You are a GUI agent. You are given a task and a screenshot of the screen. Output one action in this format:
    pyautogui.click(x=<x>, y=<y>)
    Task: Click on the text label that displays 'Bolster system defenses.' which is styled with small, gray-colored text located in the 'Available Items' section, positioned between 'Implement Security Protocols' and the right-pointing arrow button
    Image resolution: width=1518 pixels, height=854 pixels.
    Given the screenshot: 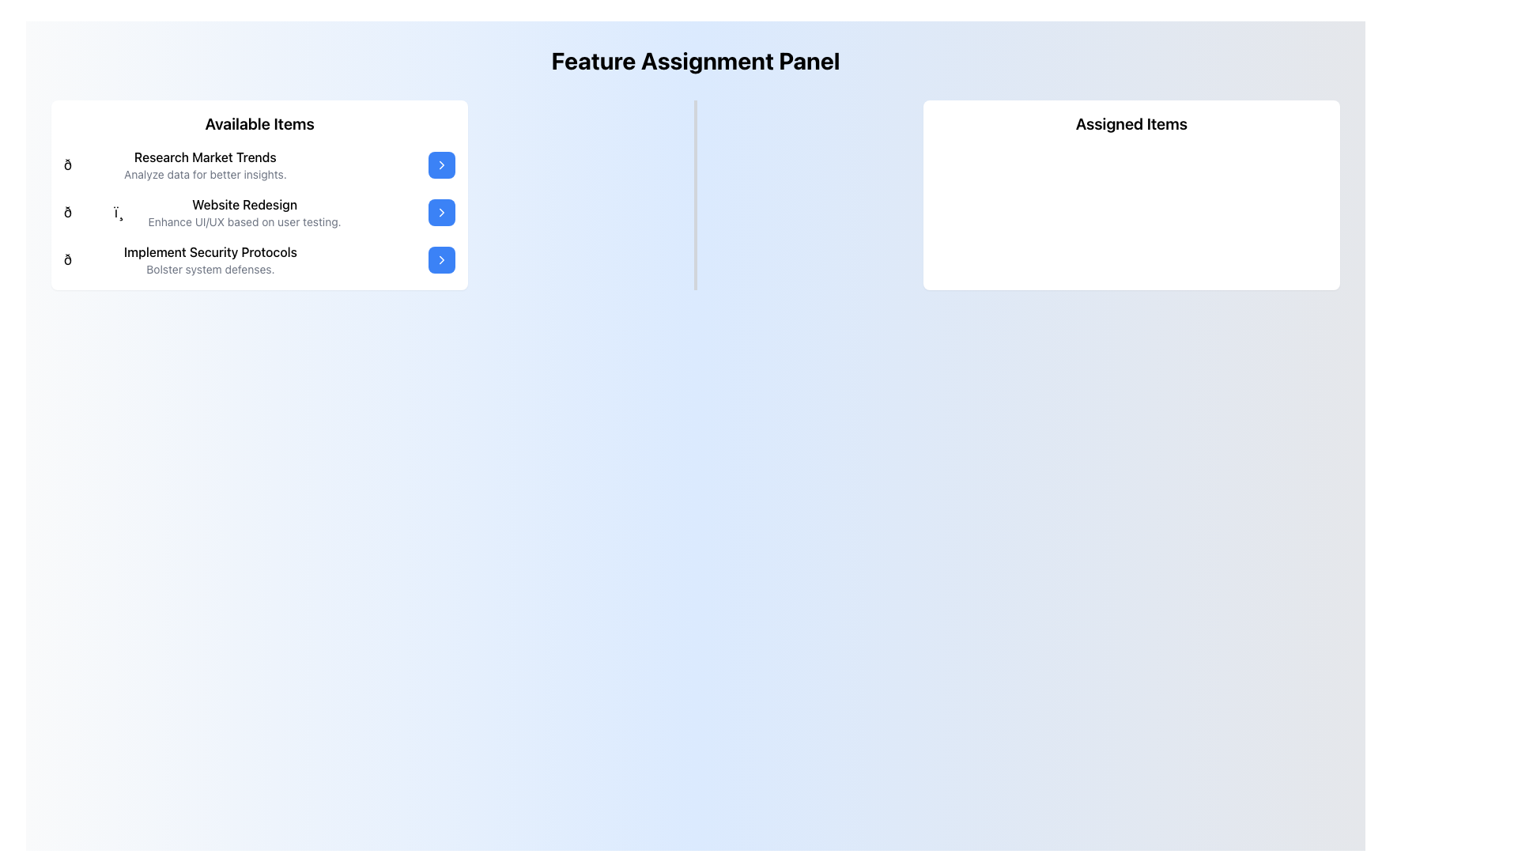 What is the action you would take?
    pyautogui.click(x=210, y=268)
    